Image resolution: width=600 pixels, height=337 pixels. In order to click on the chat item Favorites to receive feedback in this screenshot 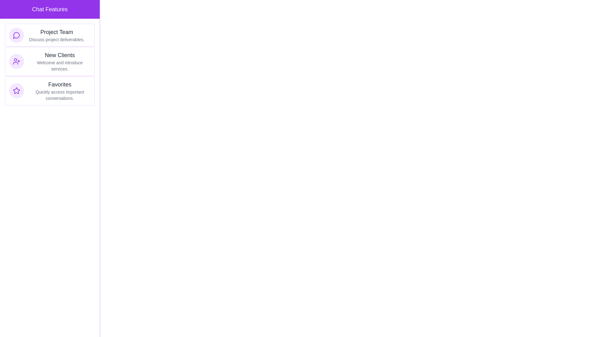, I will do `click(49, 90)`.